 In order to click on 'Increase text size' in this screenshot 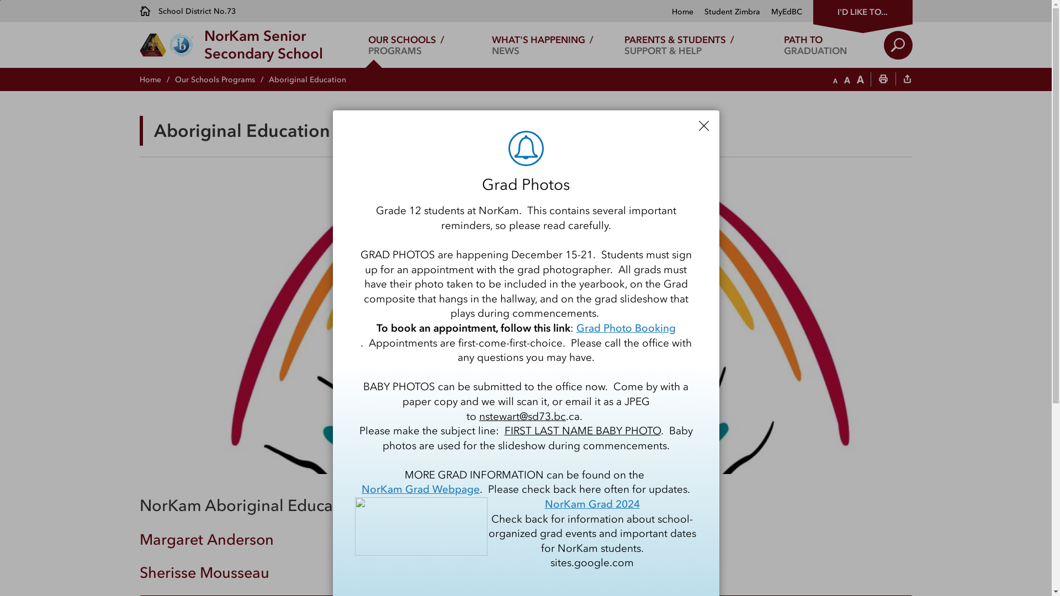, I will do `click(860, 79)`.